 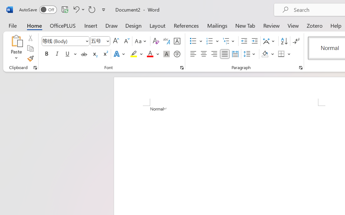 I want to click on 'Strikethrough', so click(x=84, y=54).